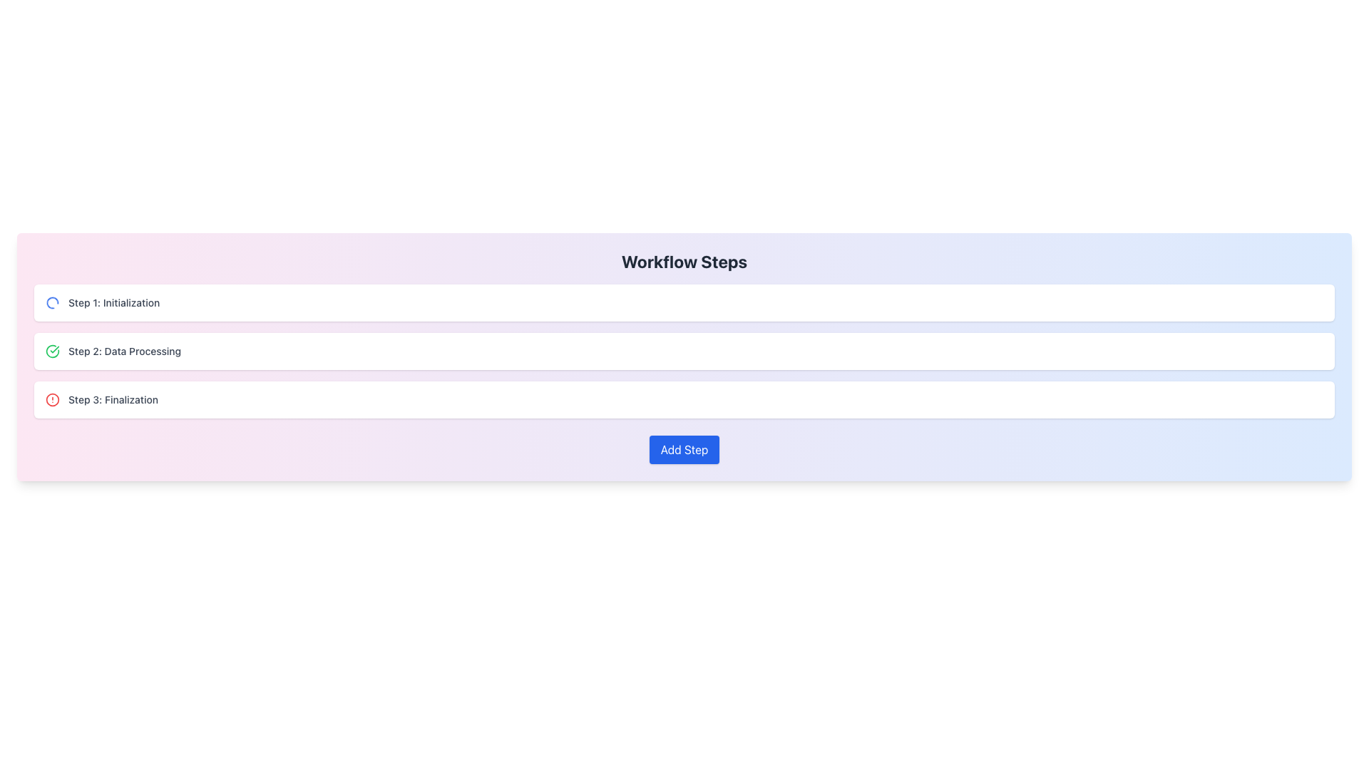 This screenshot has width=1369, height=770. Describe the element at coordinates (52, 399) in the screenshot. I see `the alert icon located to the left of the 'Step 3: Finalization' text to acknowledge the alert` at that location.